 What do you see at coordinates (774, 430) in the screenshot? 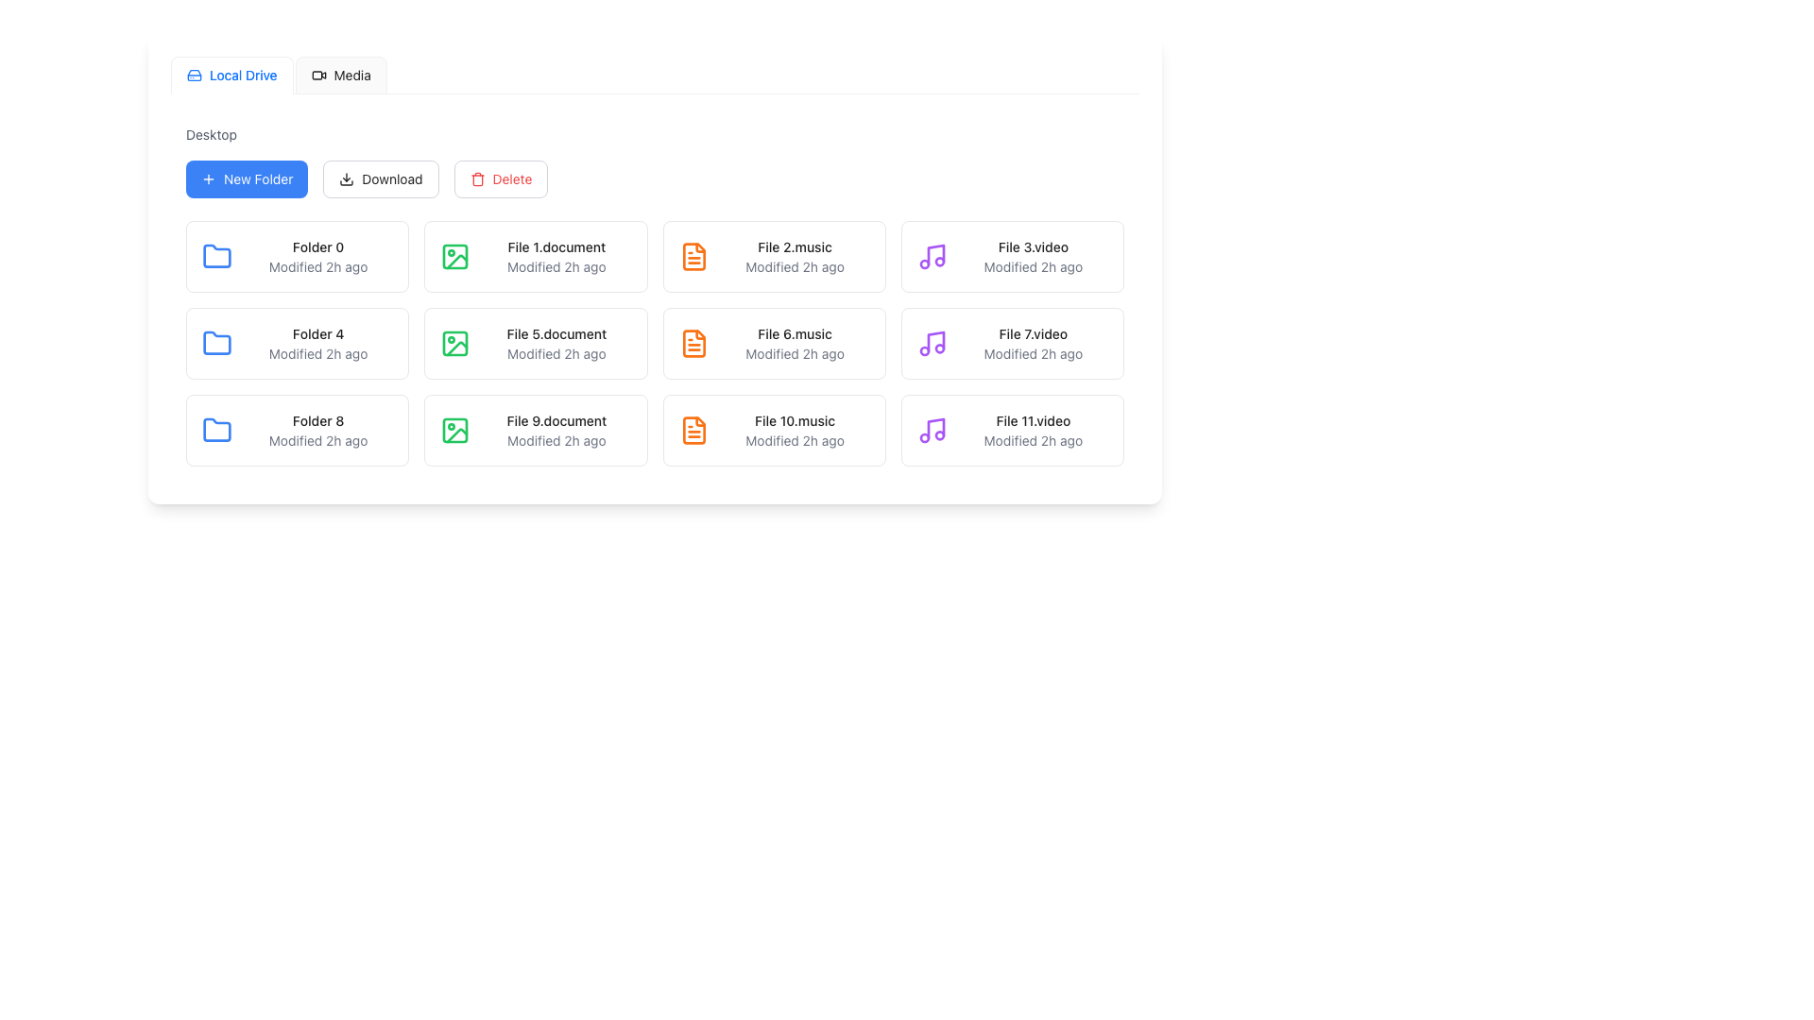
I see `the selectable item representing the file named 'File 10.music', which is the eighth item in the grid layout located in the fourth column of the third row` at bounding box center [774, 430].